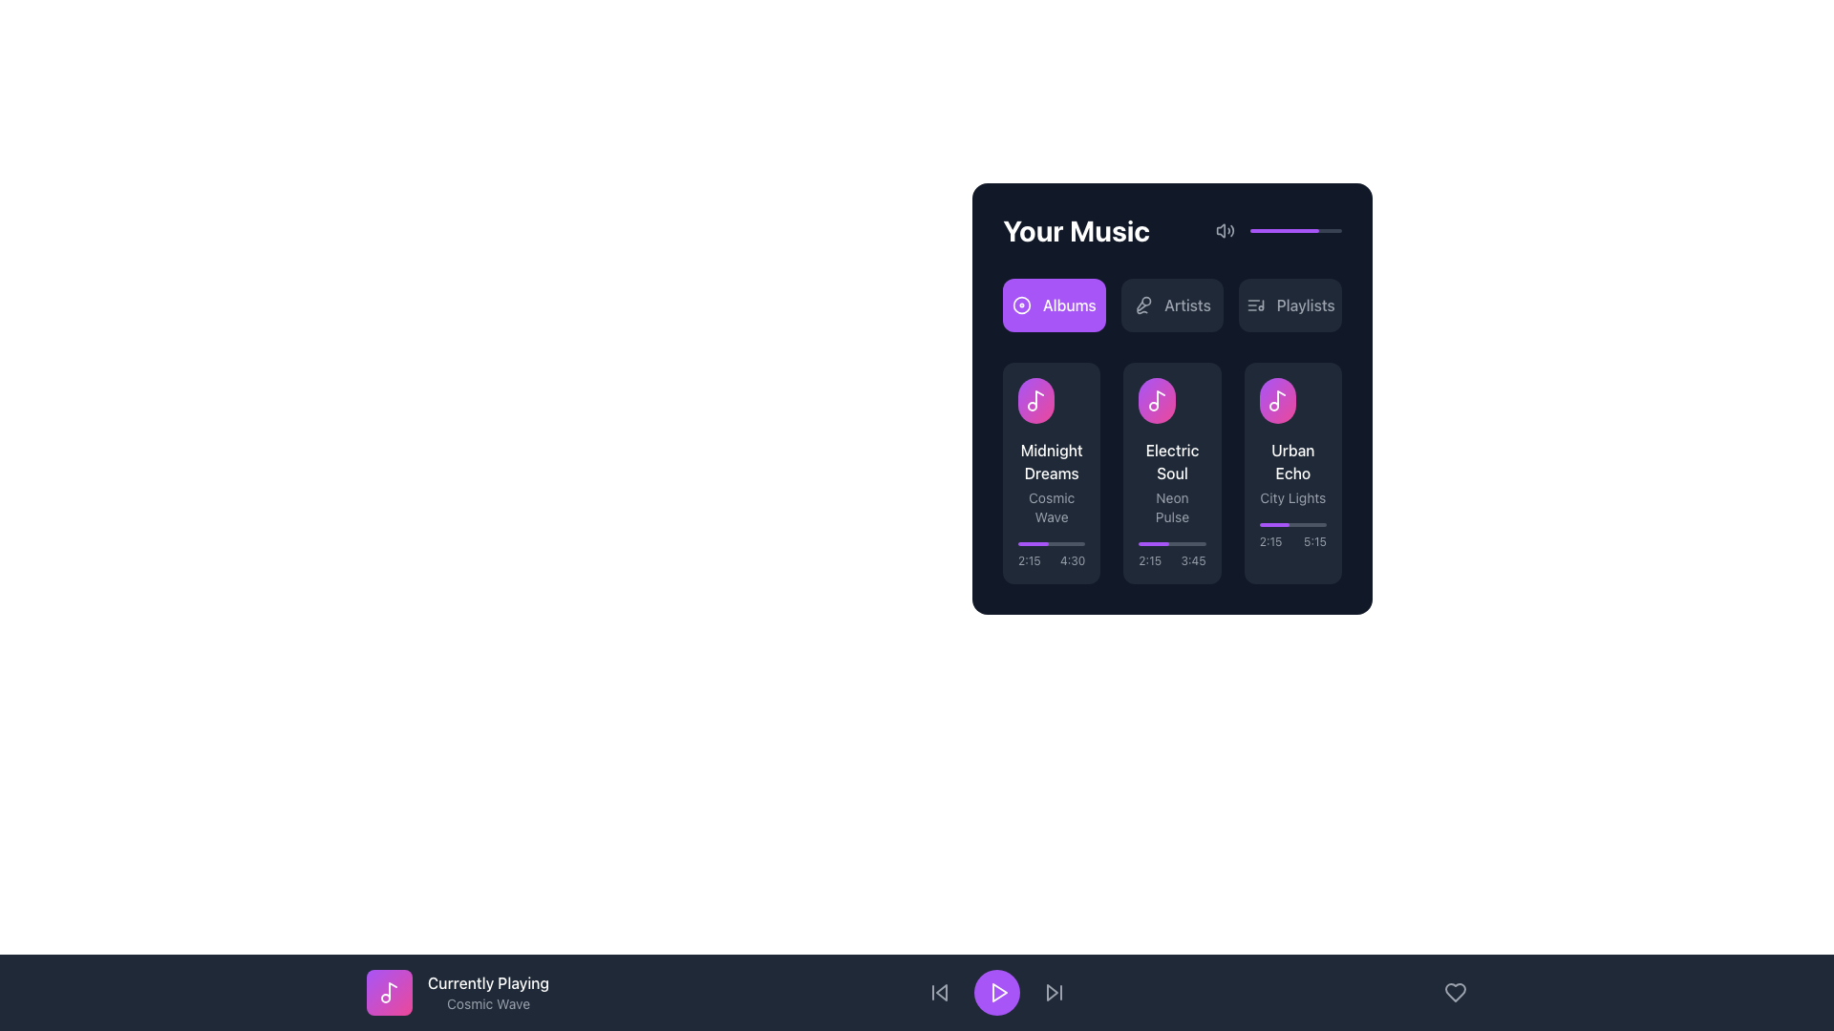 Image resolution: width=1834 pixels, height=1031 pixels. What do you see at coordinates (1171, 556) in the screenshot?
I see `the progress bar located at the bottom of the 'Your Music' card, beneath 'Neon Pulse' and above the card's bottom edge` at bounding box center [1171, 556].